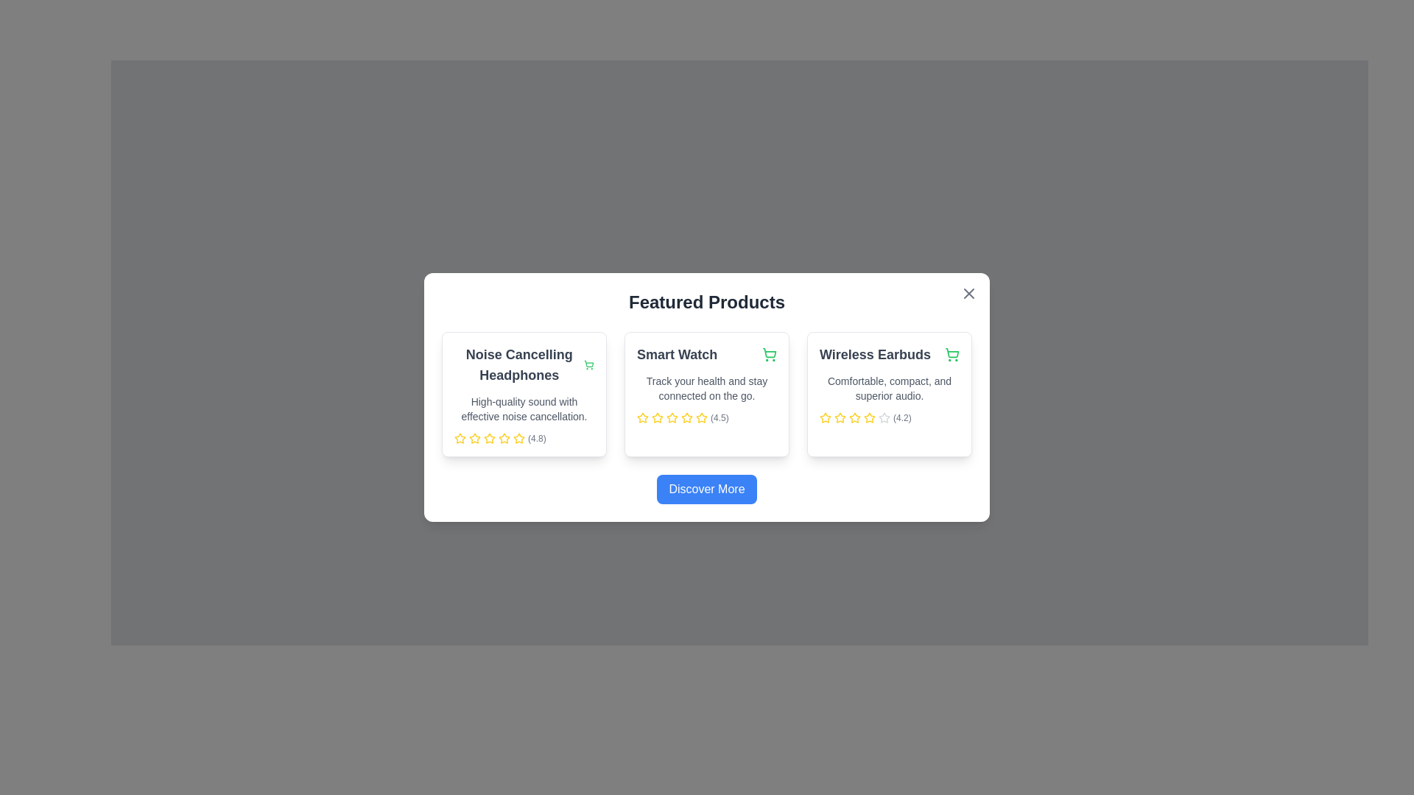 This screenshot has height=795, width=1414. I want to click on the yellow star icon element, which is the third star in a horizontal sequence under the 'Noise Cancelling Headphones' title, so click(474, 438).